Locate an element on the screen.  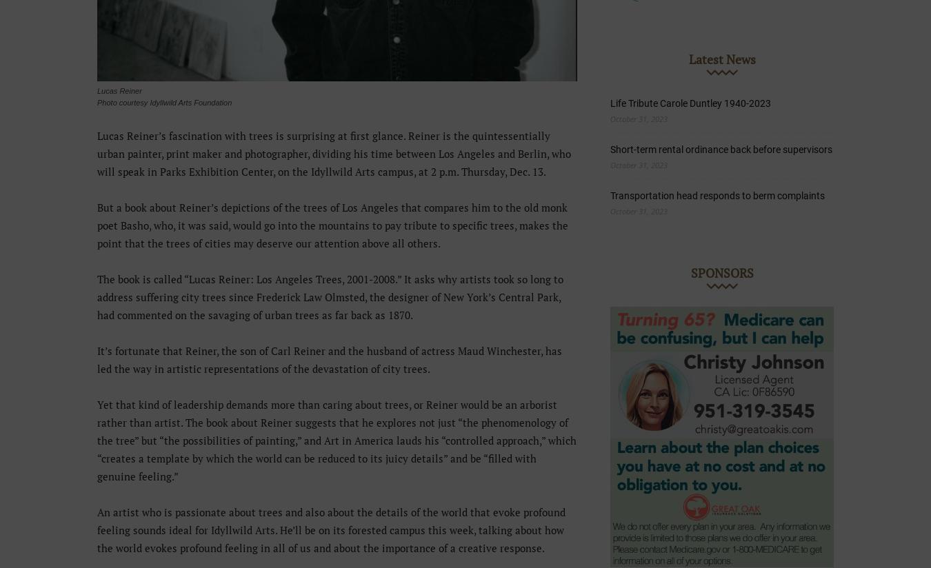
'Photo courtesy Idyllwild Arts Foundation' is located at coordinates (163, 101).